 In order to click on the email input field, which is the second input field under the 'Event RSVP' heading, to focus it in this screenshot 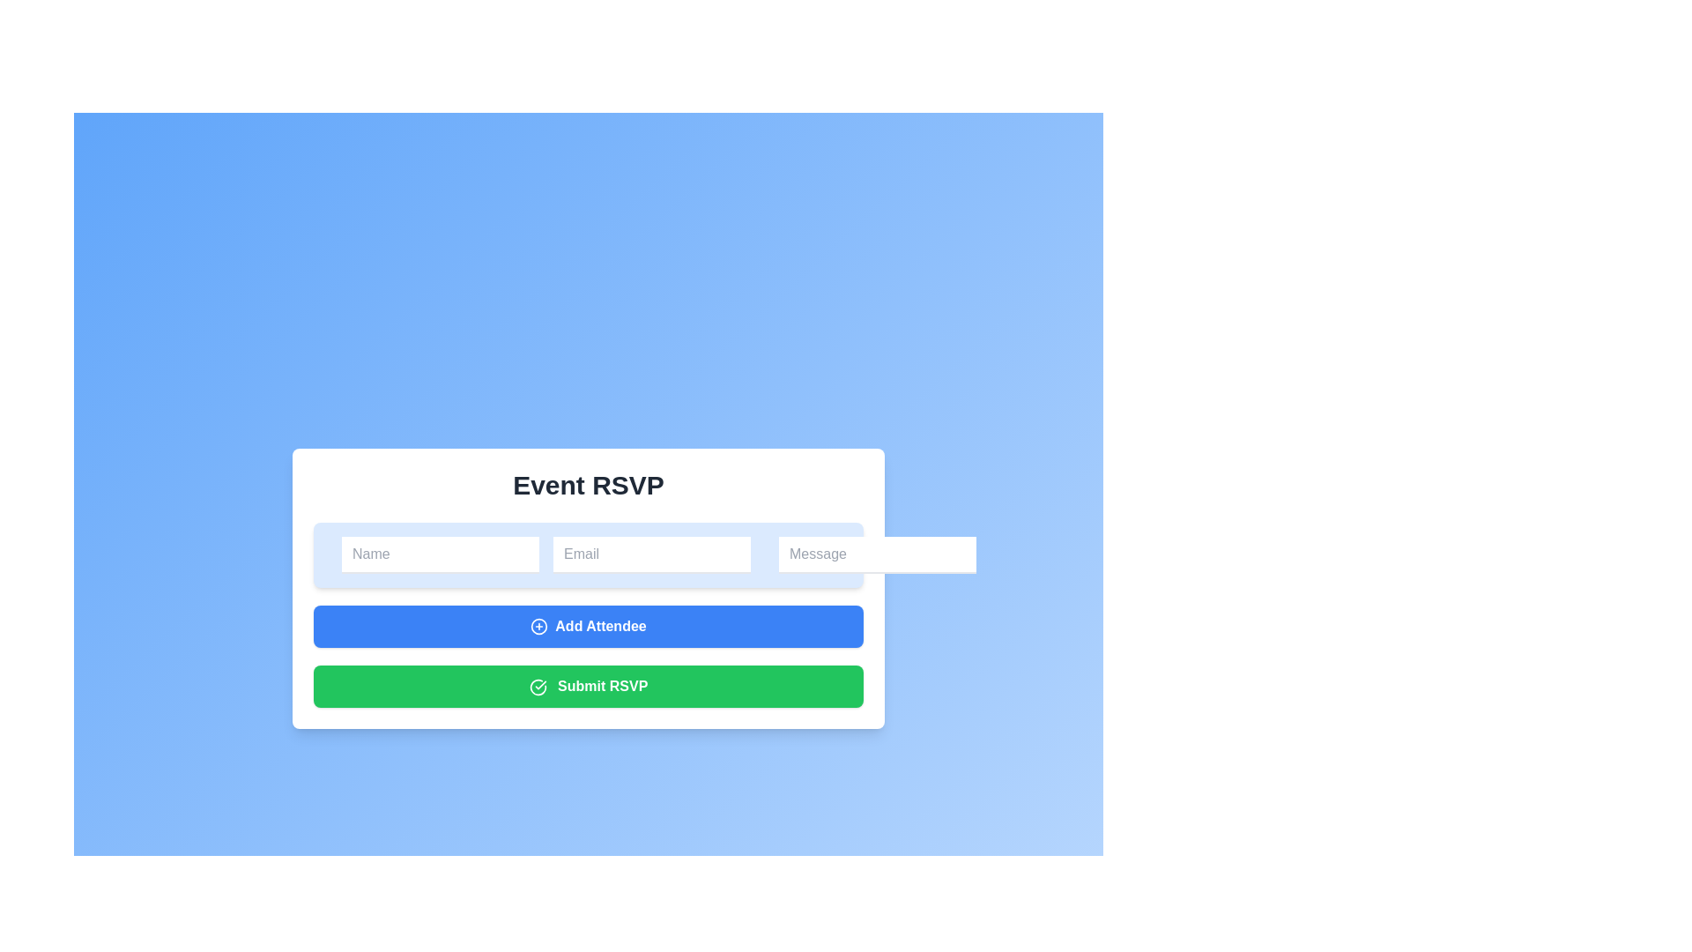, I will do `click(588, 554)`.